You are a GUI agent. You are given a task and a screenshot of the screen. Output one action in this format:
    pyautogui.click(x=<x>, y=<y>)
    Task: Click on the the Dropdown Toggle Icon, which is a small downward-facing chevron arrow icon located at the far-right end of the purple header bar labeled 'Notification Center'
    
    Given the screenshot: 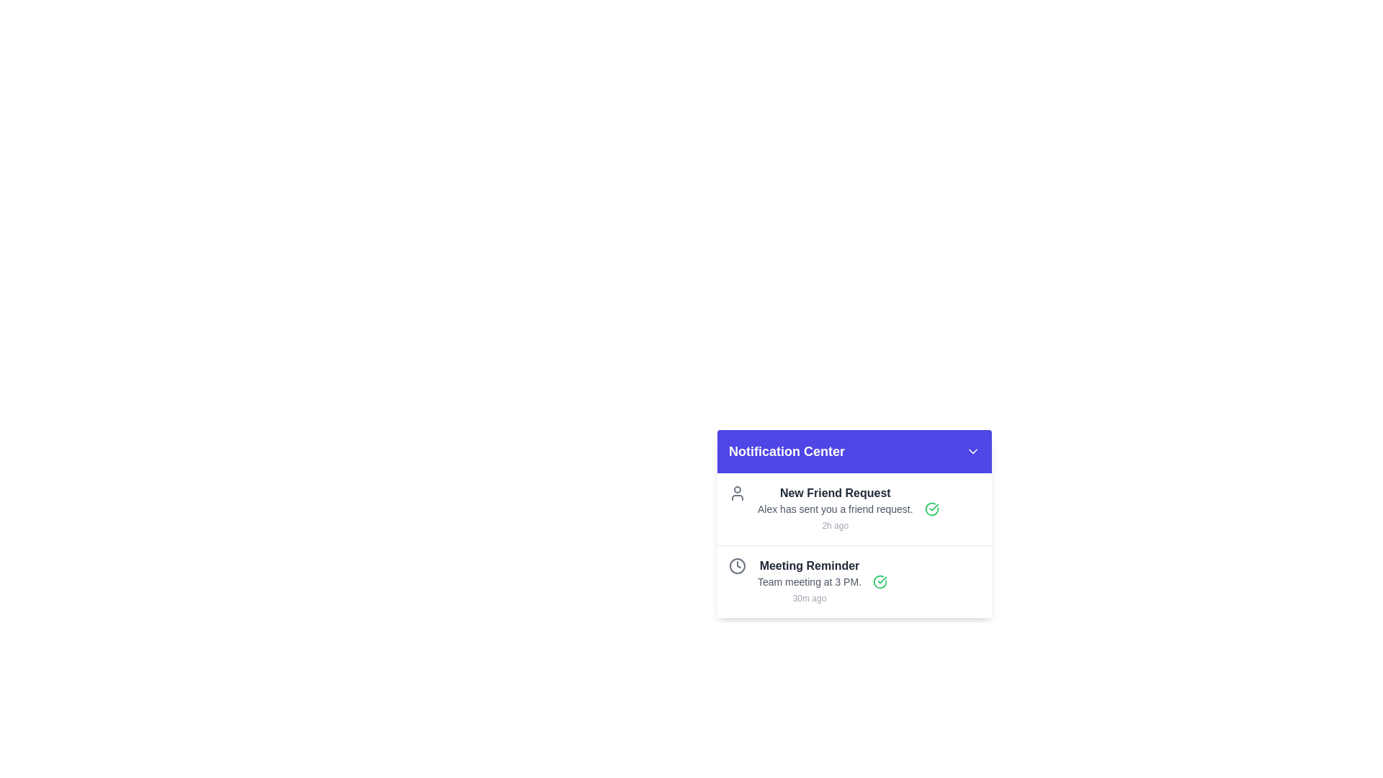 What is the action you would take?
    pyautogui.click(x=972, y=451)
    